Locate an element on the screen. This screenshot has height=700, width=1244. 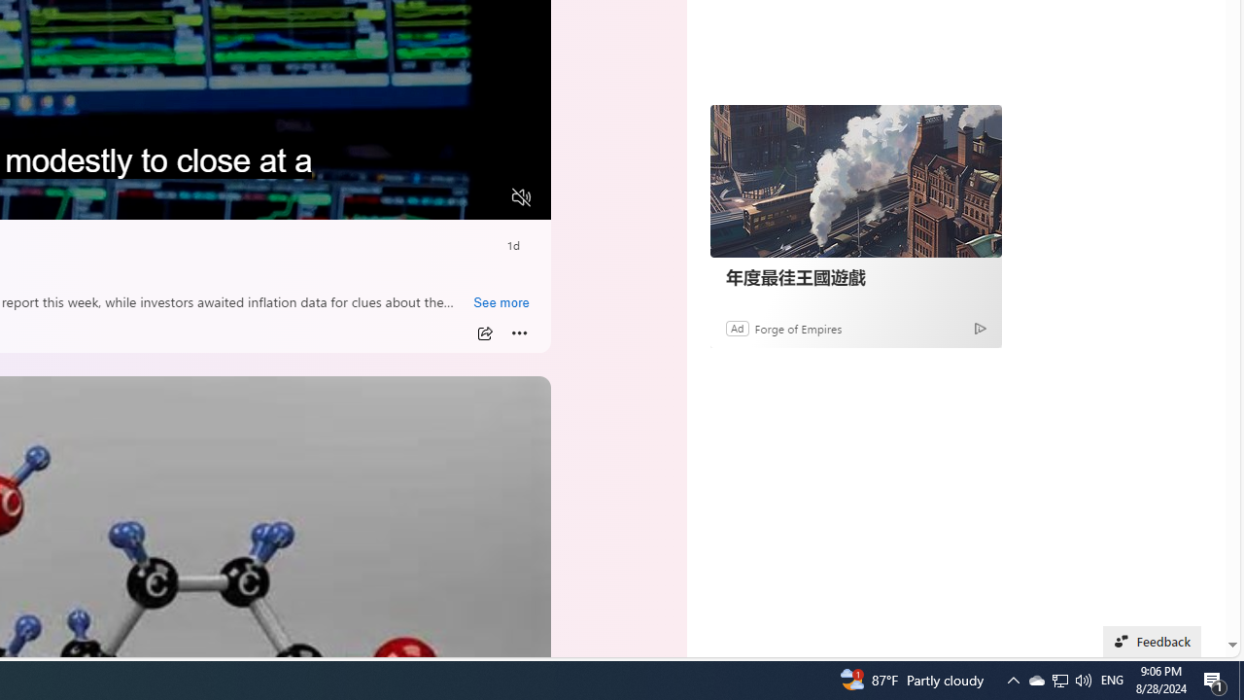
'See more' is located at coordinates (501, 303).